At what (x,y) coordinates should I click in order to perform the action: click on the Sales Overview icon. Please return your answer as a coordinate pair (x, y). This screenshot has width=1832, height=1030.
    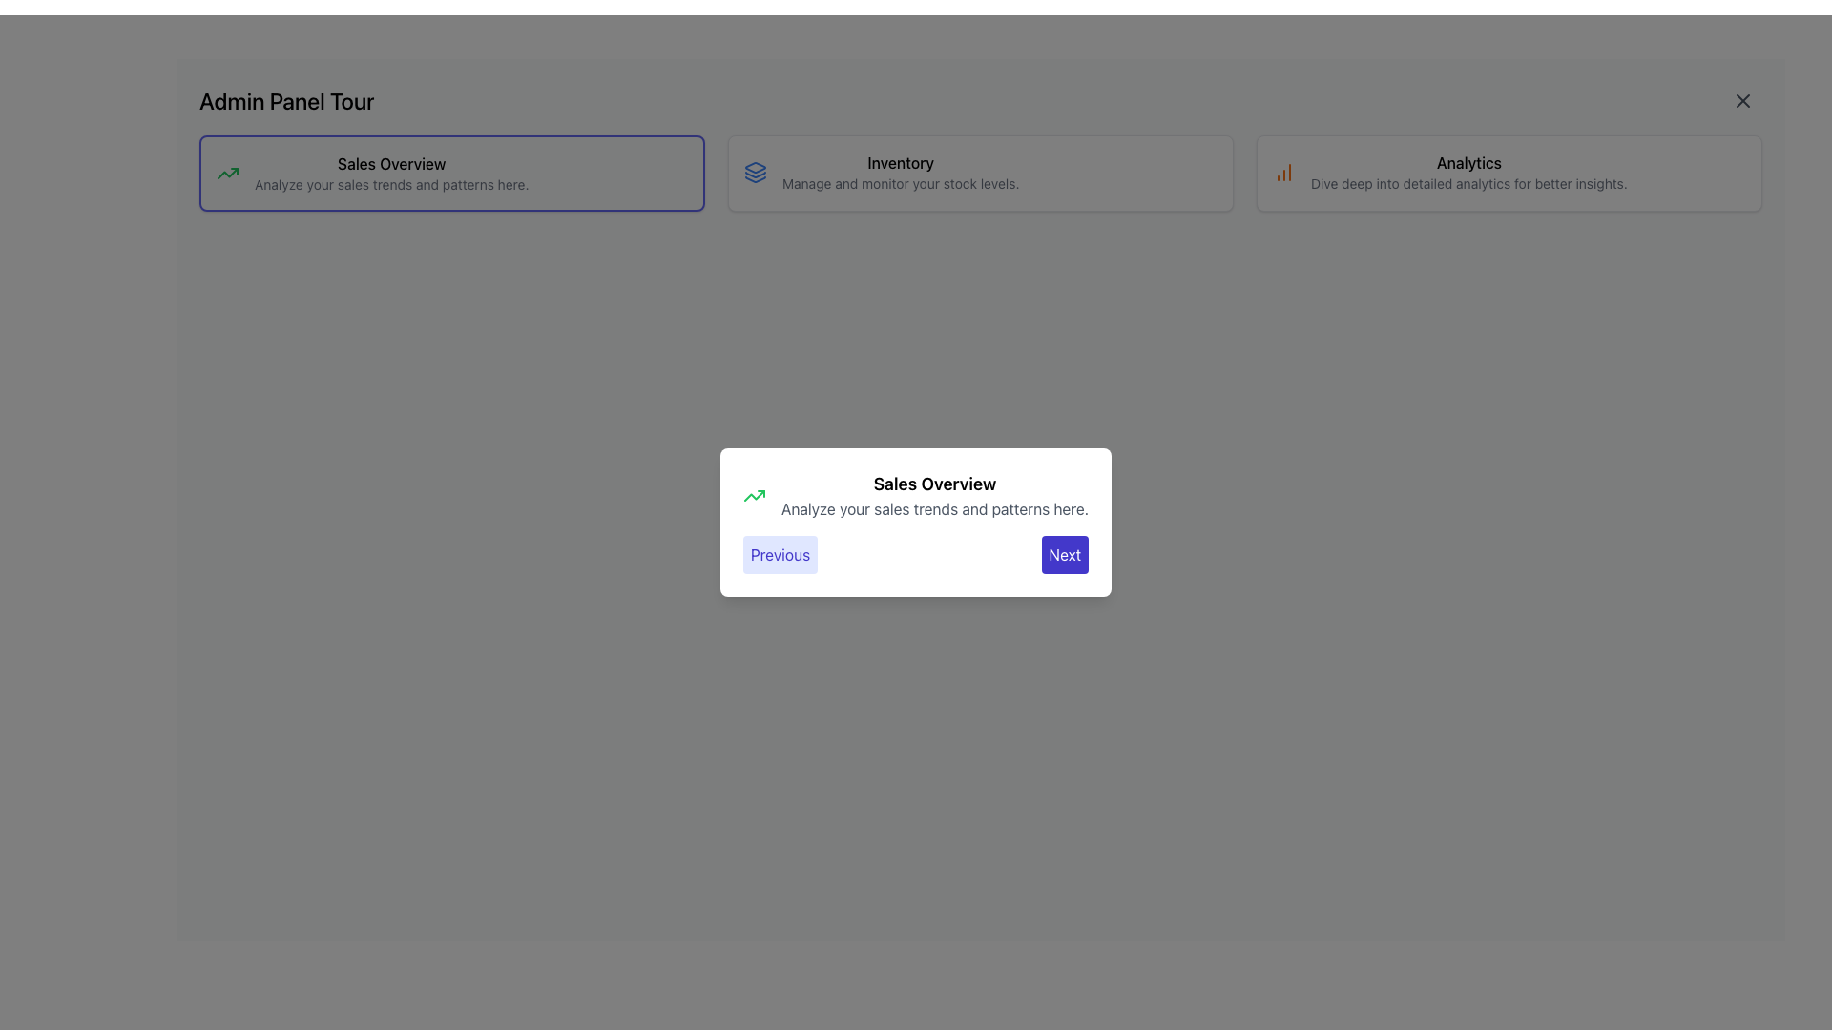
    Looking at the image, I should click on (753, 495).